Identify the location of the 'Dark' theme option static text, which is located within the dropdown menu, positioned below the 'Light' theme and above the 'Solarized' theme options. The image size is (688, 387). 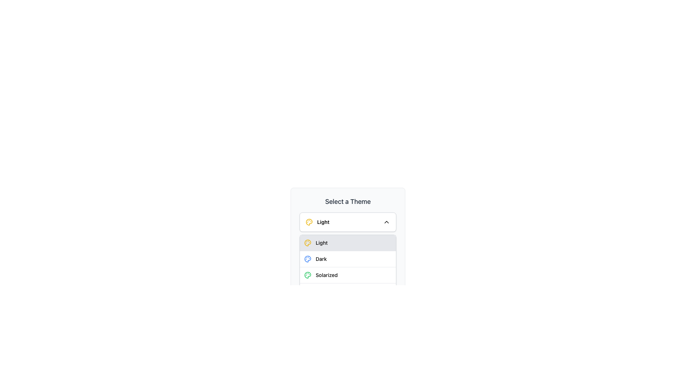
(321, 259).